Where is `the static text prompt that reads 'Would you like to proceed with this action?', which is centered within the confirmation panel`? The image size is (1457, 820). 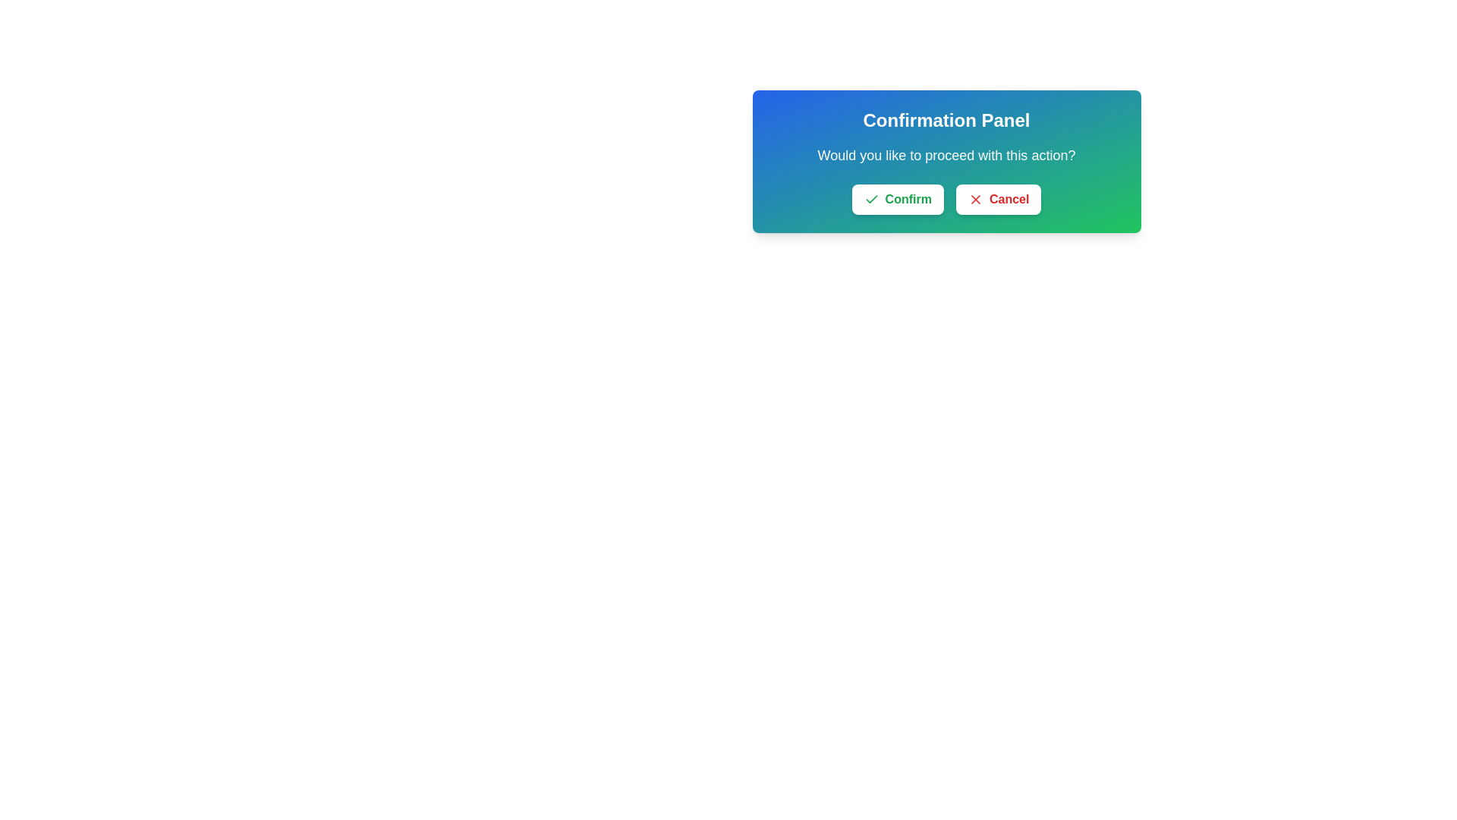 the static text prompt that reads 'Would you like to proceed with this action?', which is centered within the confirmation panel is located at coordinates (946, 155).